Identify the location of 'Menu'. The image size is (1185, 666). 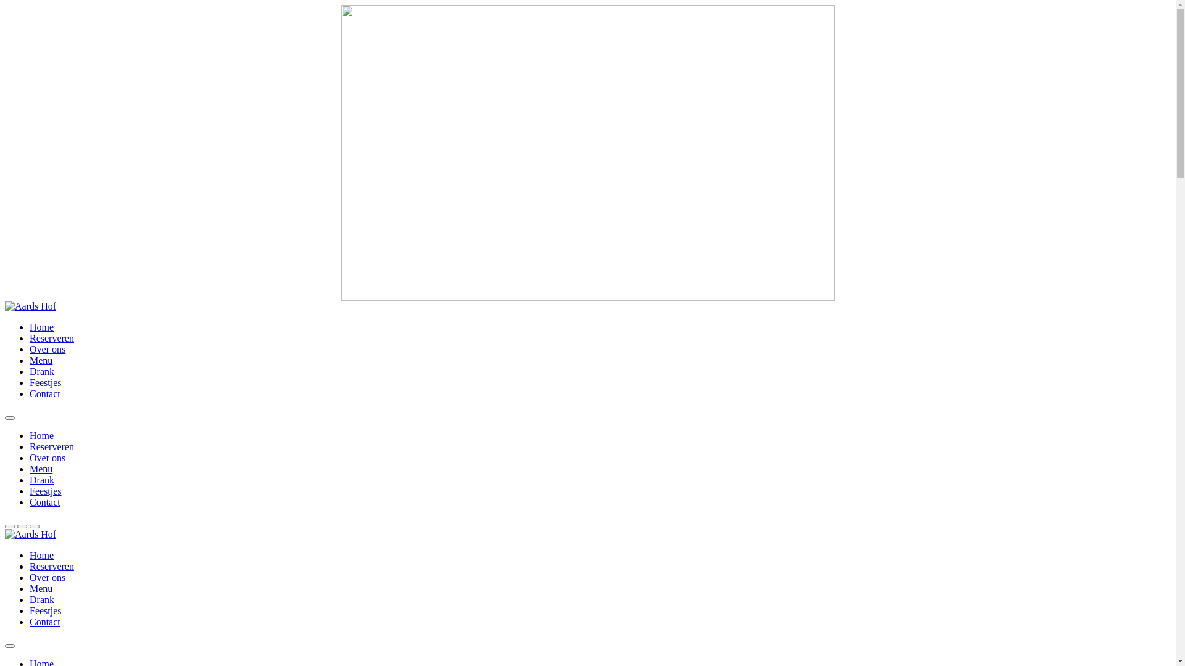
(41, 588).